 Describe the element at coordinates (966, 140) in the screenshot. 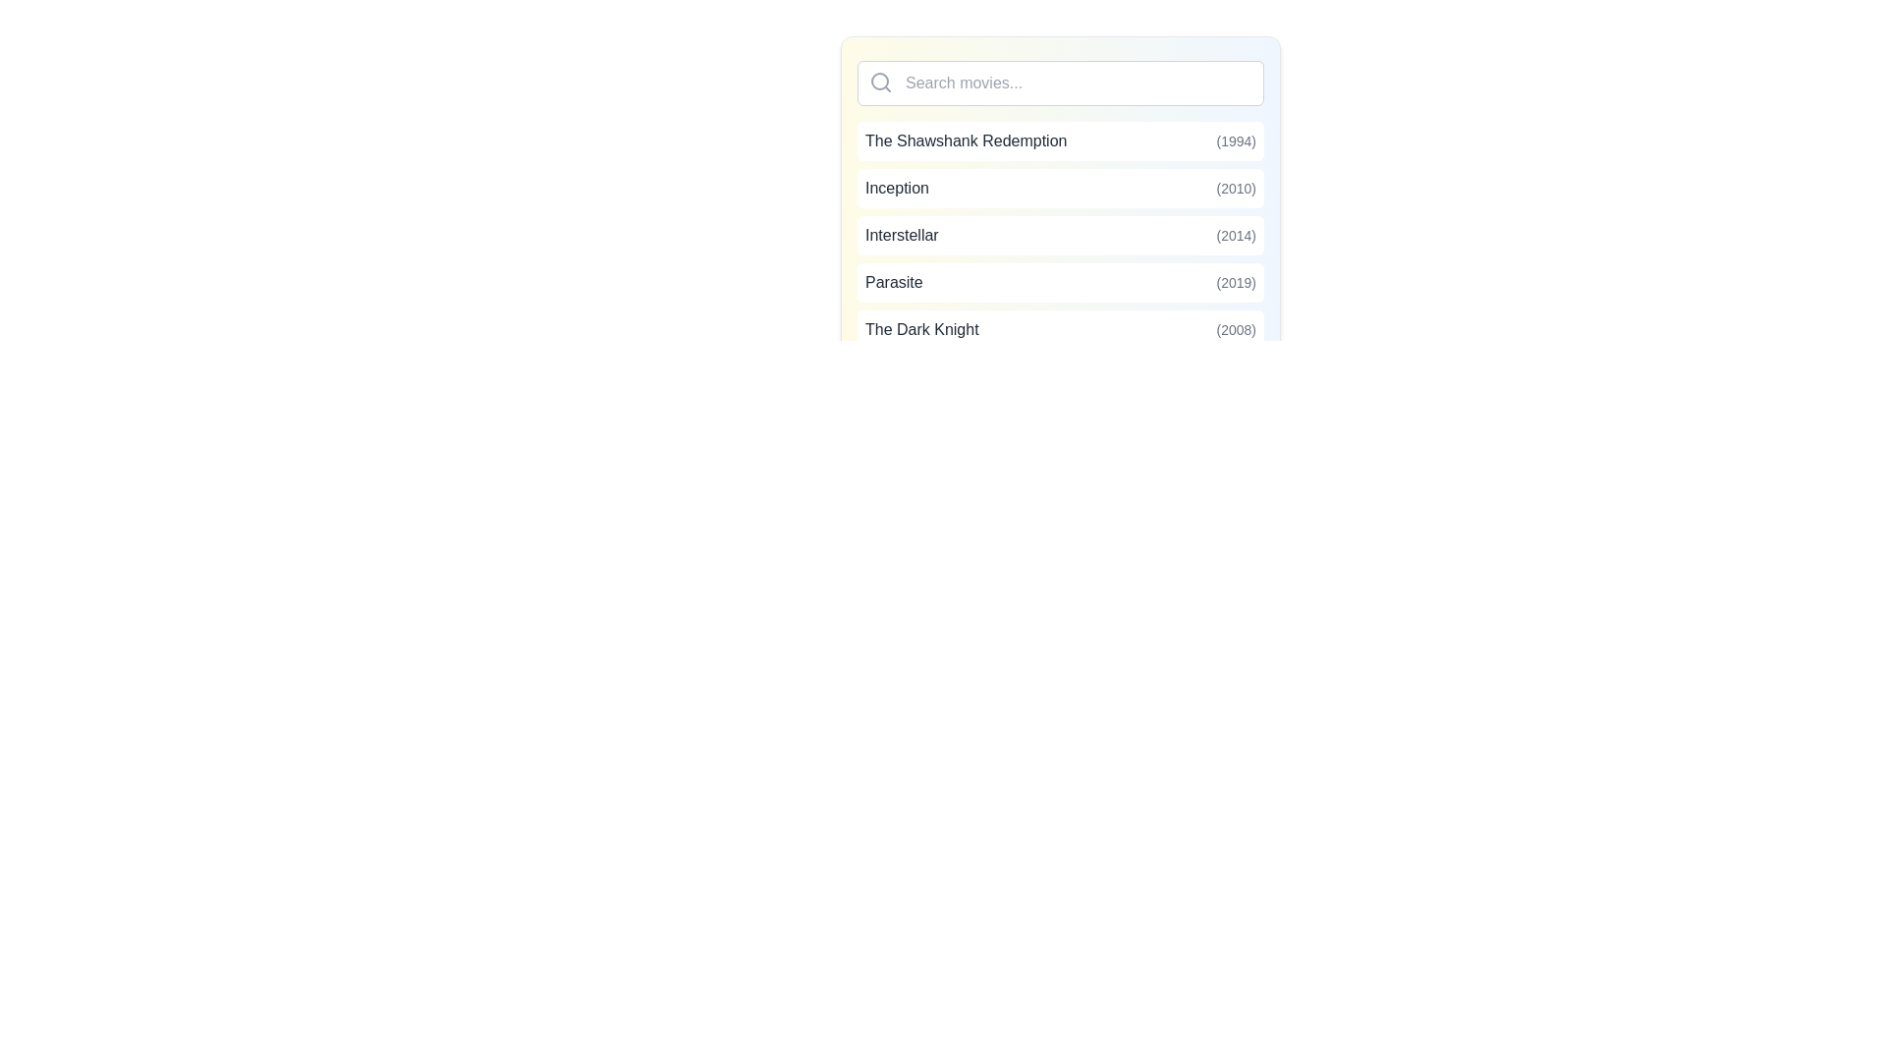

I see `the text label displaying the title 'The Shawshank Redemption' in the movie list` at that location.